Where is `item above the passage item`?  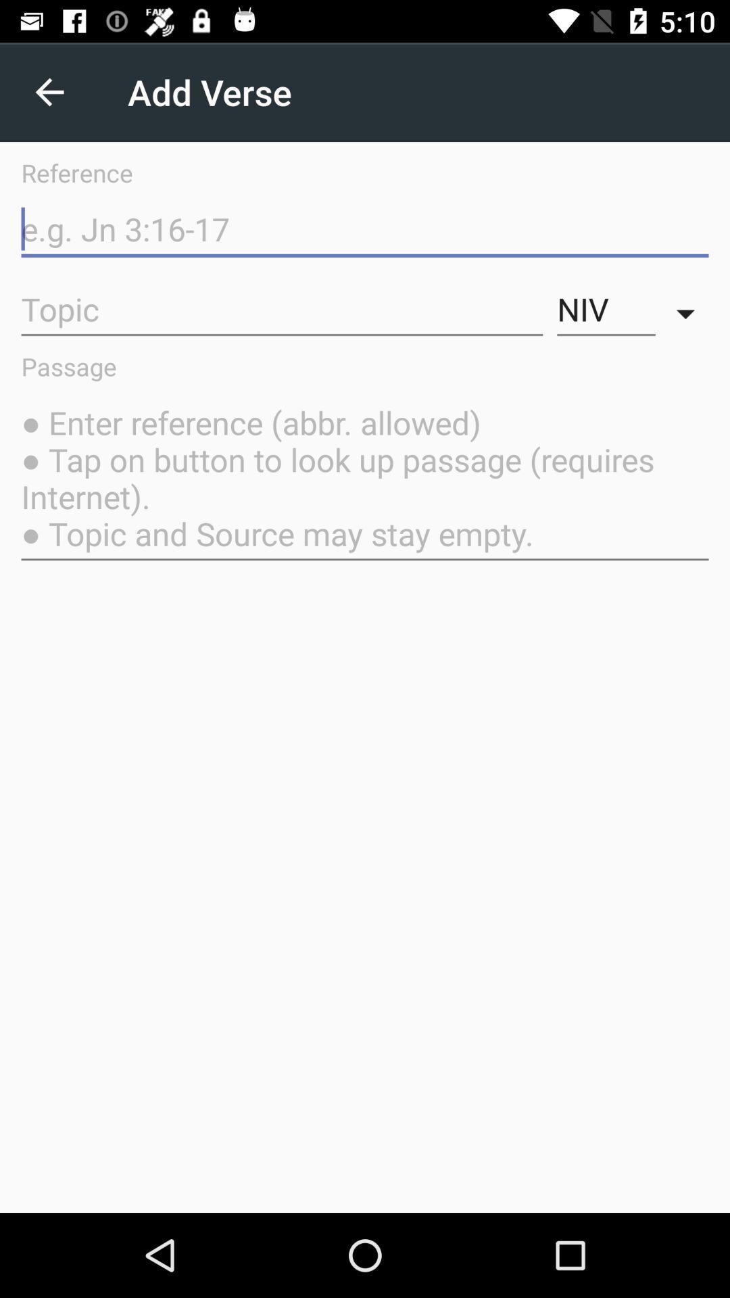 item above the passage item is located at coordinates (689, 309).